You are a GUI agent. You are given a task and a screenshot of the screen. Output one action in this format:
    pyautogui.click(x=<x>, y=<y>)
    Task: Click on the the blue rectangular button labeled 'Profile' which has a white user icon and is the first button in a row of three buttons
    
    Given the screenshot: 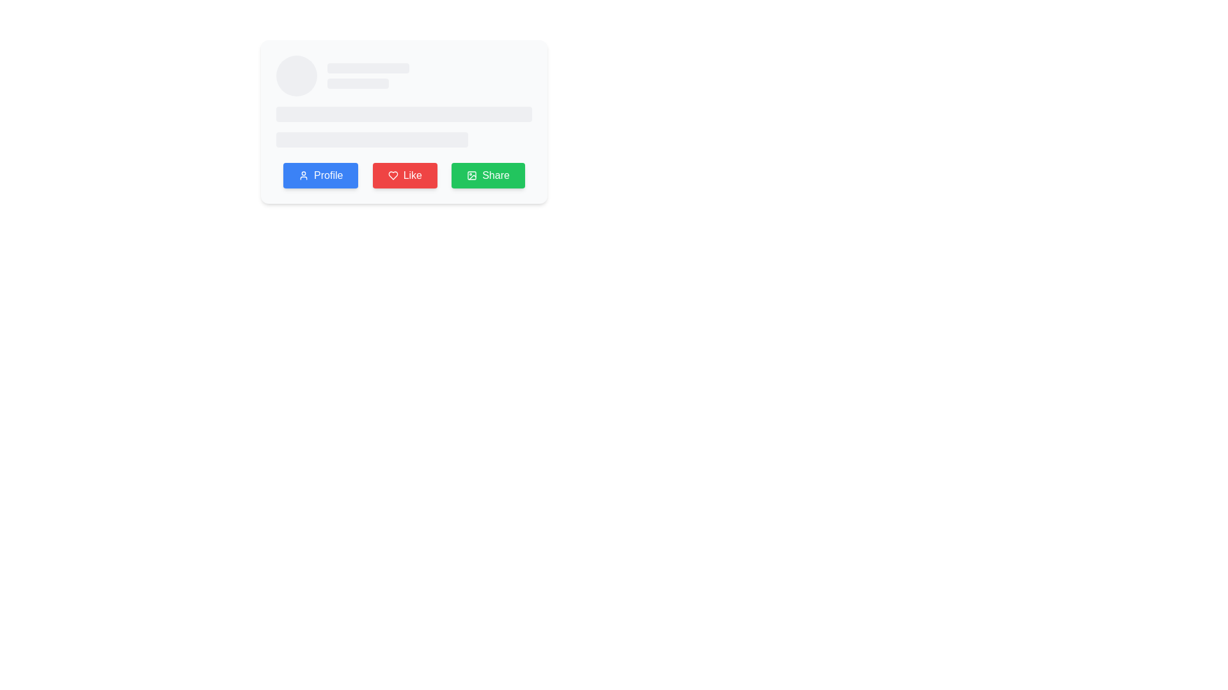 What is the action you would take?
    pyautogui.click(x=320, y=175)
    